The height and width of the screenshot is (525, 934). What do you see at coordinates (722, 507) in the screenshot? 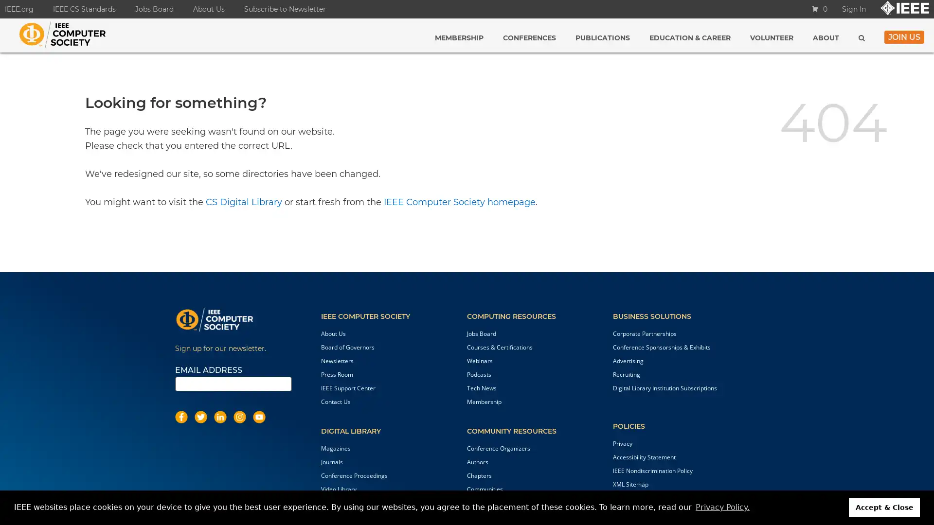
I see `learn more about cookies` at bounding box center [722, 507].